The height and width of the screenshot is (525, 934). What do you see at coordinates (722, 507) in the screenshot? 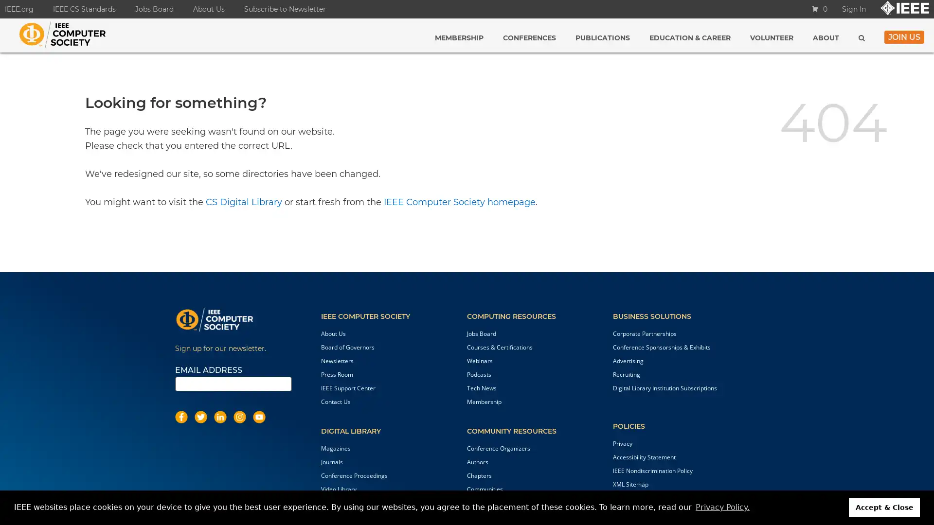
I see `learn more about cookies` at bounding box center [722, 507].